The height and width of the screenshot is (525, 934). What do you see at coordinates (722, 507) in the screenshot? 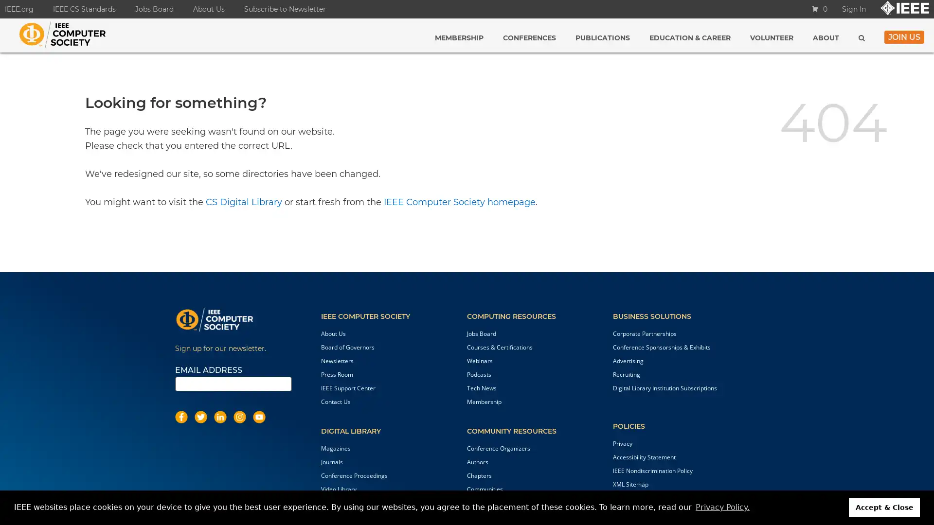
I see `learn more about cookies` at bounding box center [722, 507].